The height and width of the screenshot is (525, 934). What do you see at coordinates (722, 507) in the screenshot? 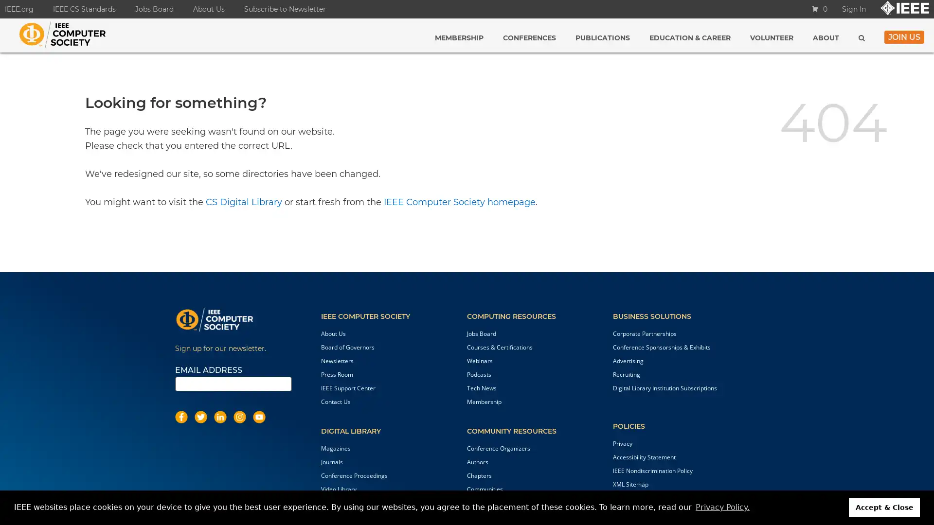
I see `learn more about cookies` at bounding box center [722, 507].